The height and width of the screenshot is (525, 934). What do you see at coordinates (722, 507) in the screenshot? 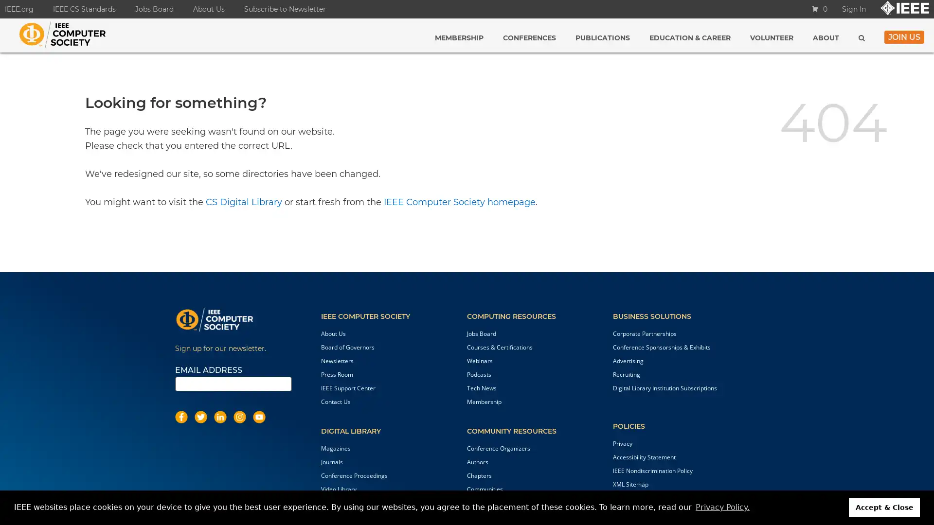
I see `learn more about cookies` at bounding box center [722, 507].